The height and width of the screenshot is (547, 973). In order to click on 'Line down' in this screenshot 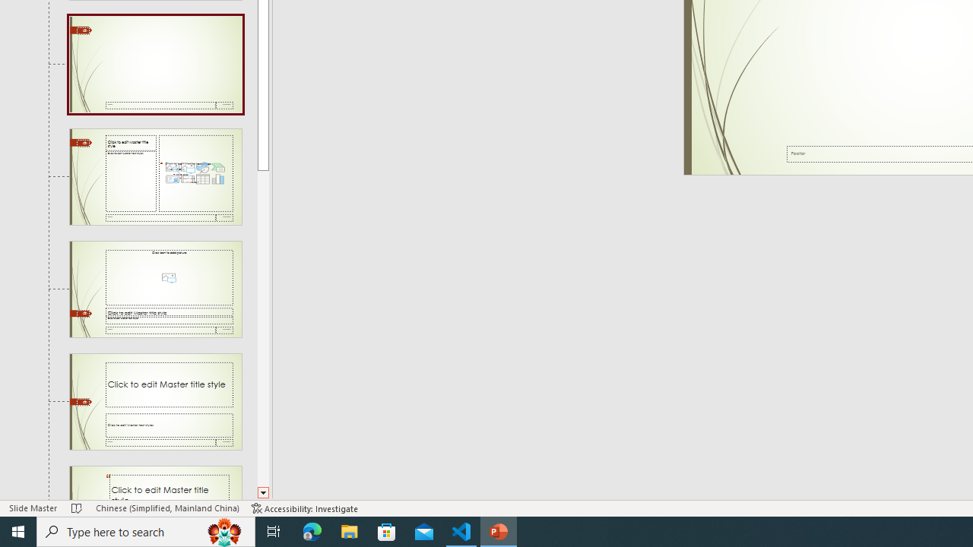, I will do `click(263, 493)`.